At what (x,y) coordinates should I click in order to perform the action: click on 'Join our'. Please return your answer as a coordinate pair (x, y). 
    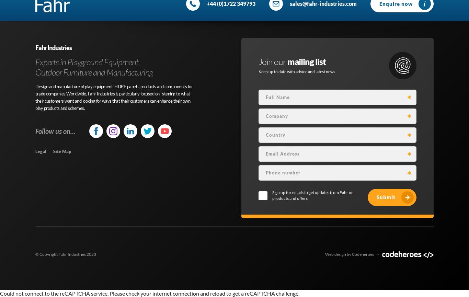
    Looking at the image, I should click on (273, 61).